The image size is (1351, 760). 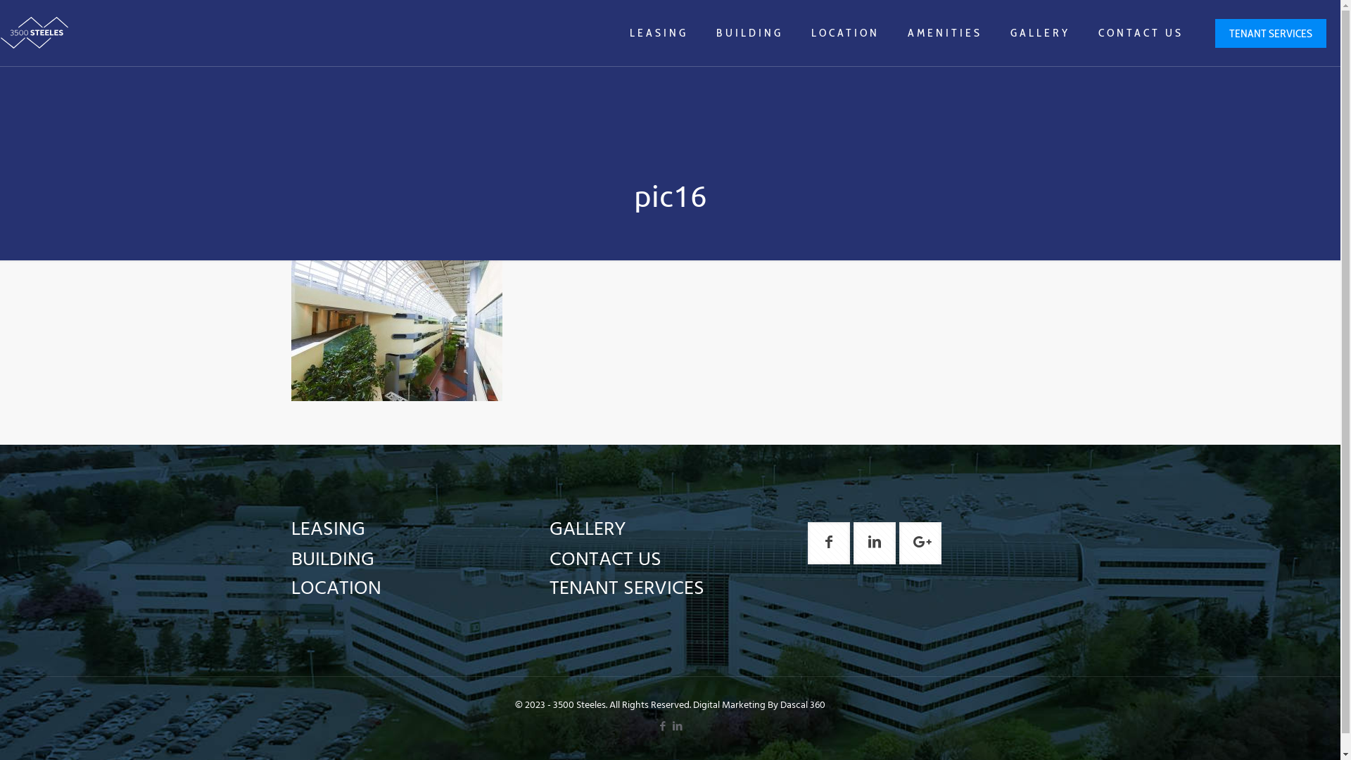 I want to click on 'TENANT SERVICES', so click(x=626, y=588).